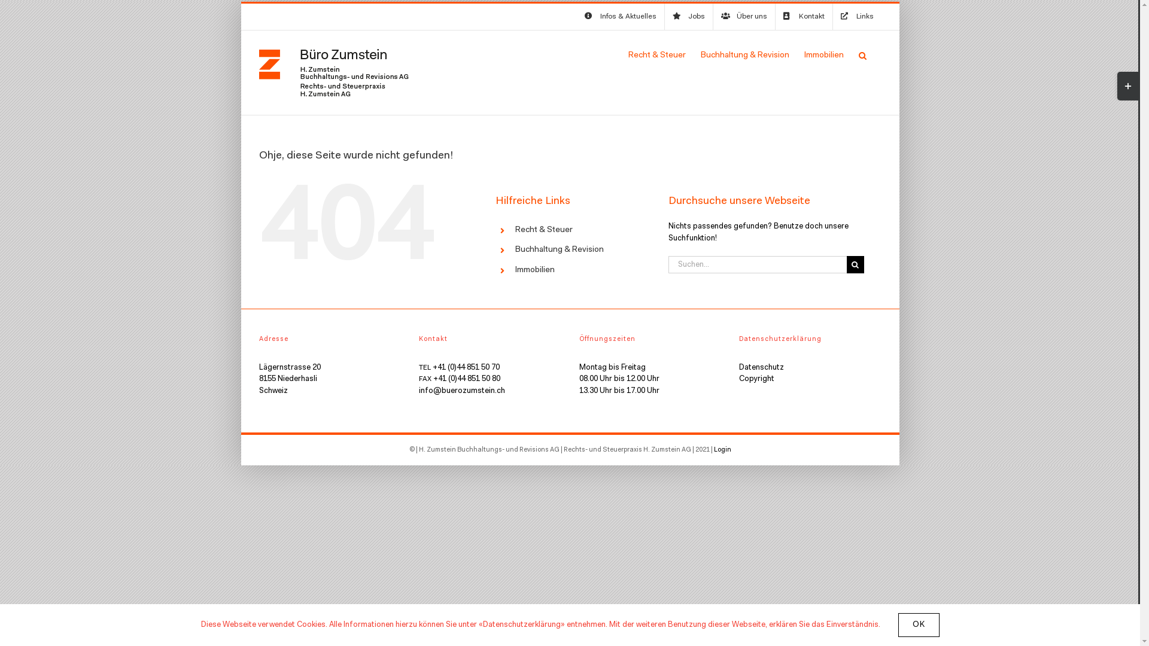  I want to click on 'Recht & Steuer', so click(515, 230).